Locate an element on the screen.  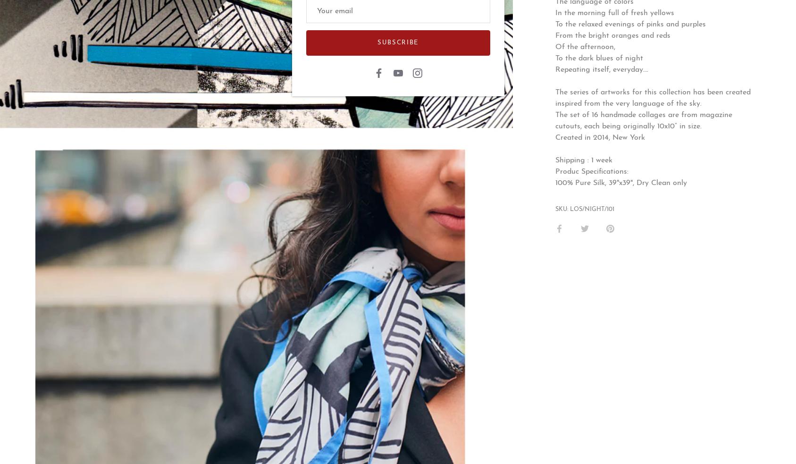
'Shipping : 1 week' is located at coordinates (584, 160).